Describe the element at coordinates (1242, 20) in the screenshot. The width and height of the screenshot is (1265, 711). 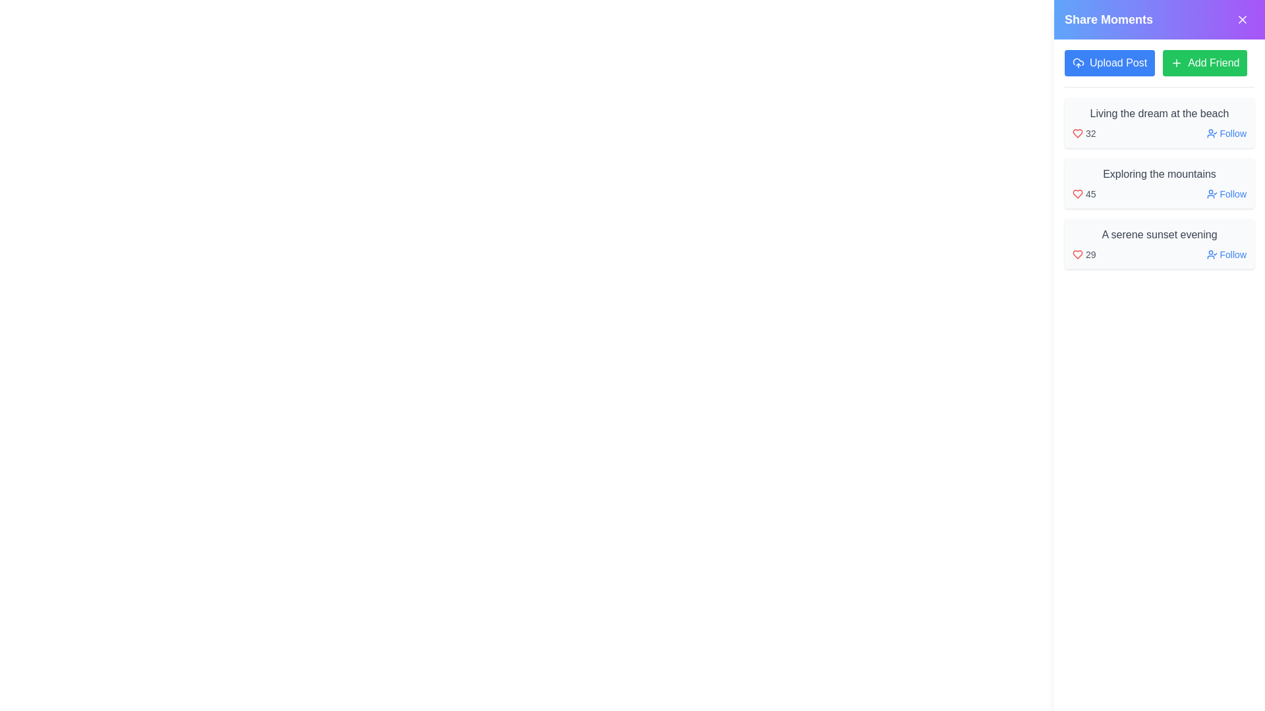
I see `the close button located in the top-right corner of the header bar that contains the text 'Share Moments' and has a gradient background from blue to purple for visual feedback` at that location.